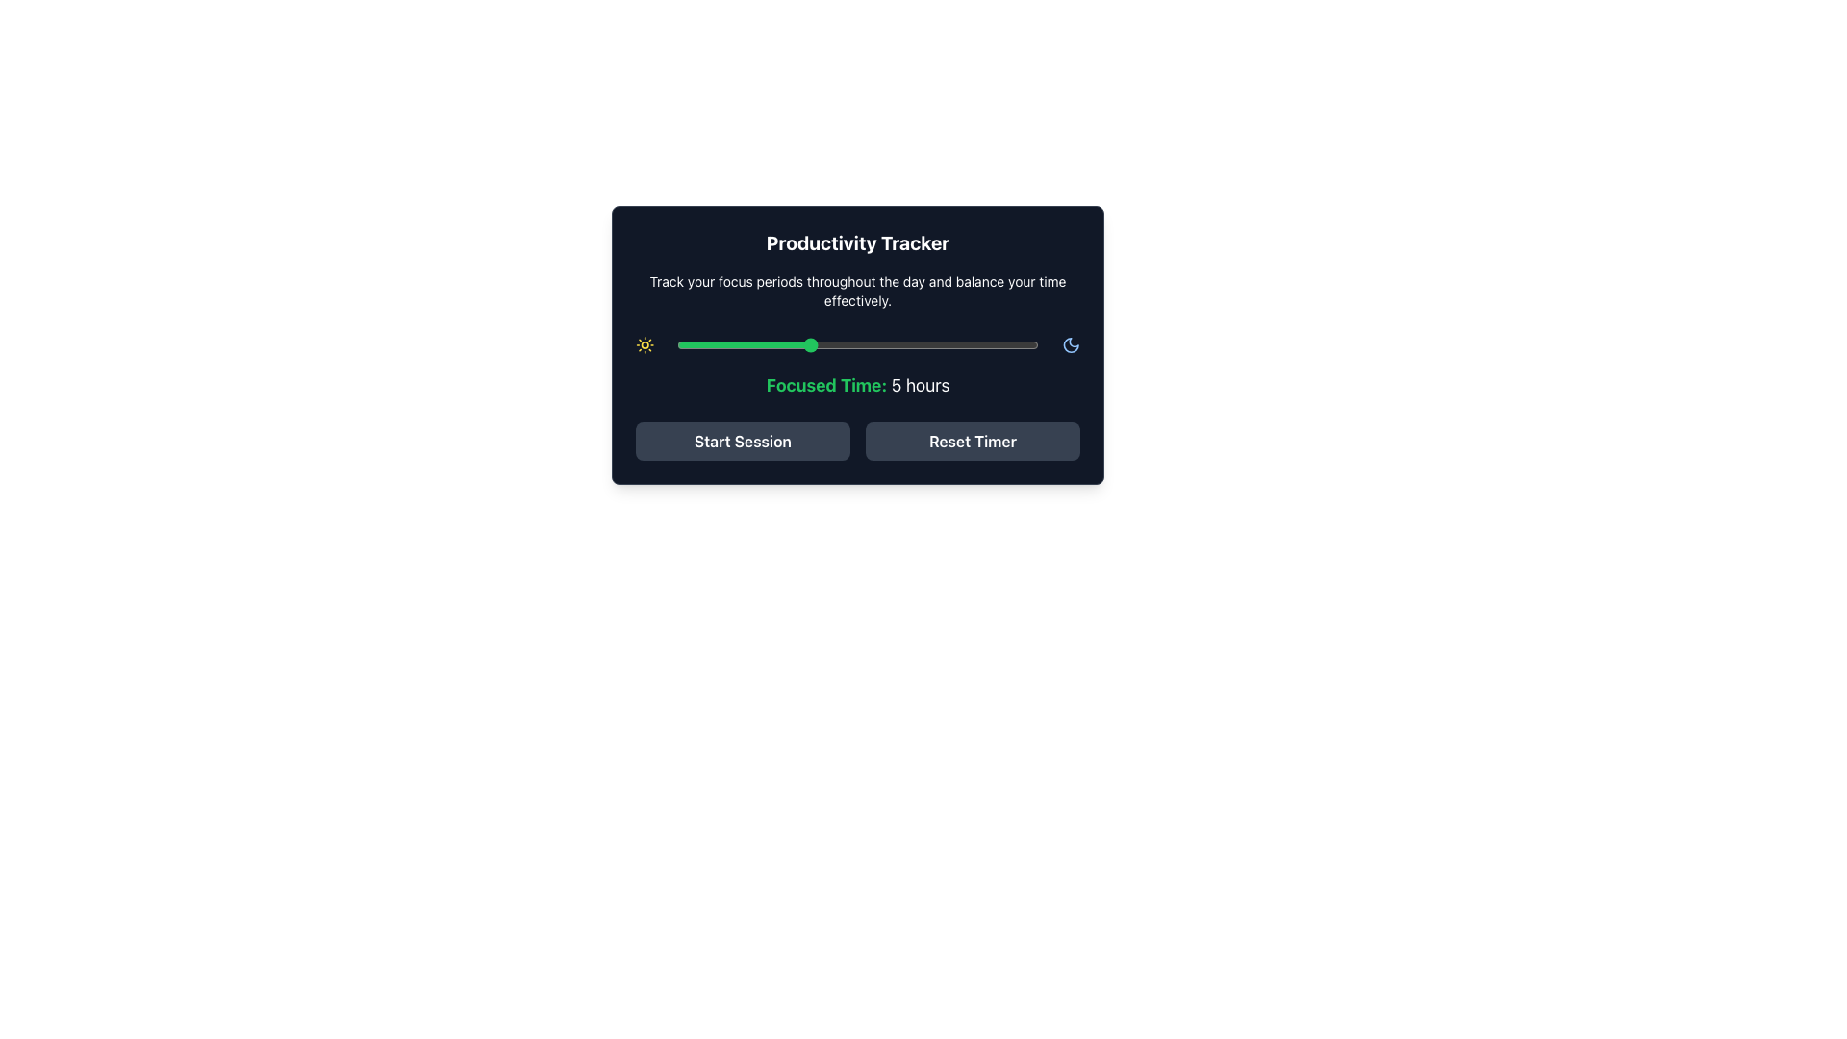 The image size is (1847, 1039). I want to click on the slider value, so click(677, 343).